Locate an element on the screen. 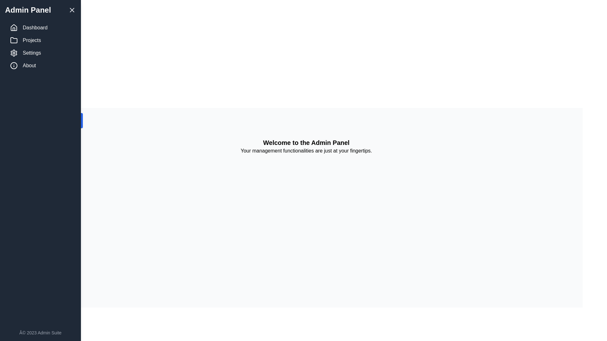  the close or dismiss icon located in the top-right corner of the navigation panel, adjacent to the 'Admin Panel' text label is located at coordinates (72, 10).